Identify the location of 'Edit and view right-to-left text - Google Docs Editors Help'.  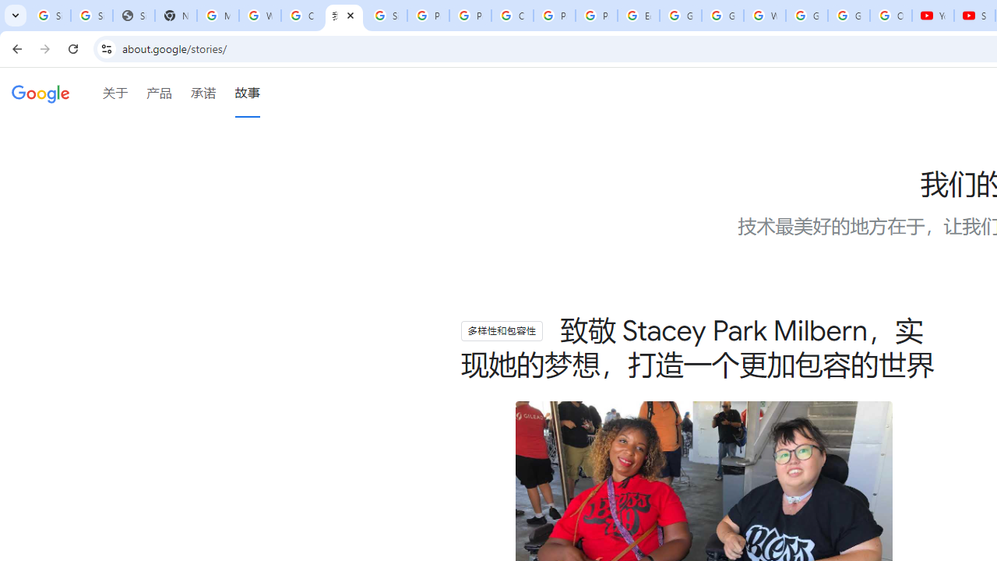
(638, 16).